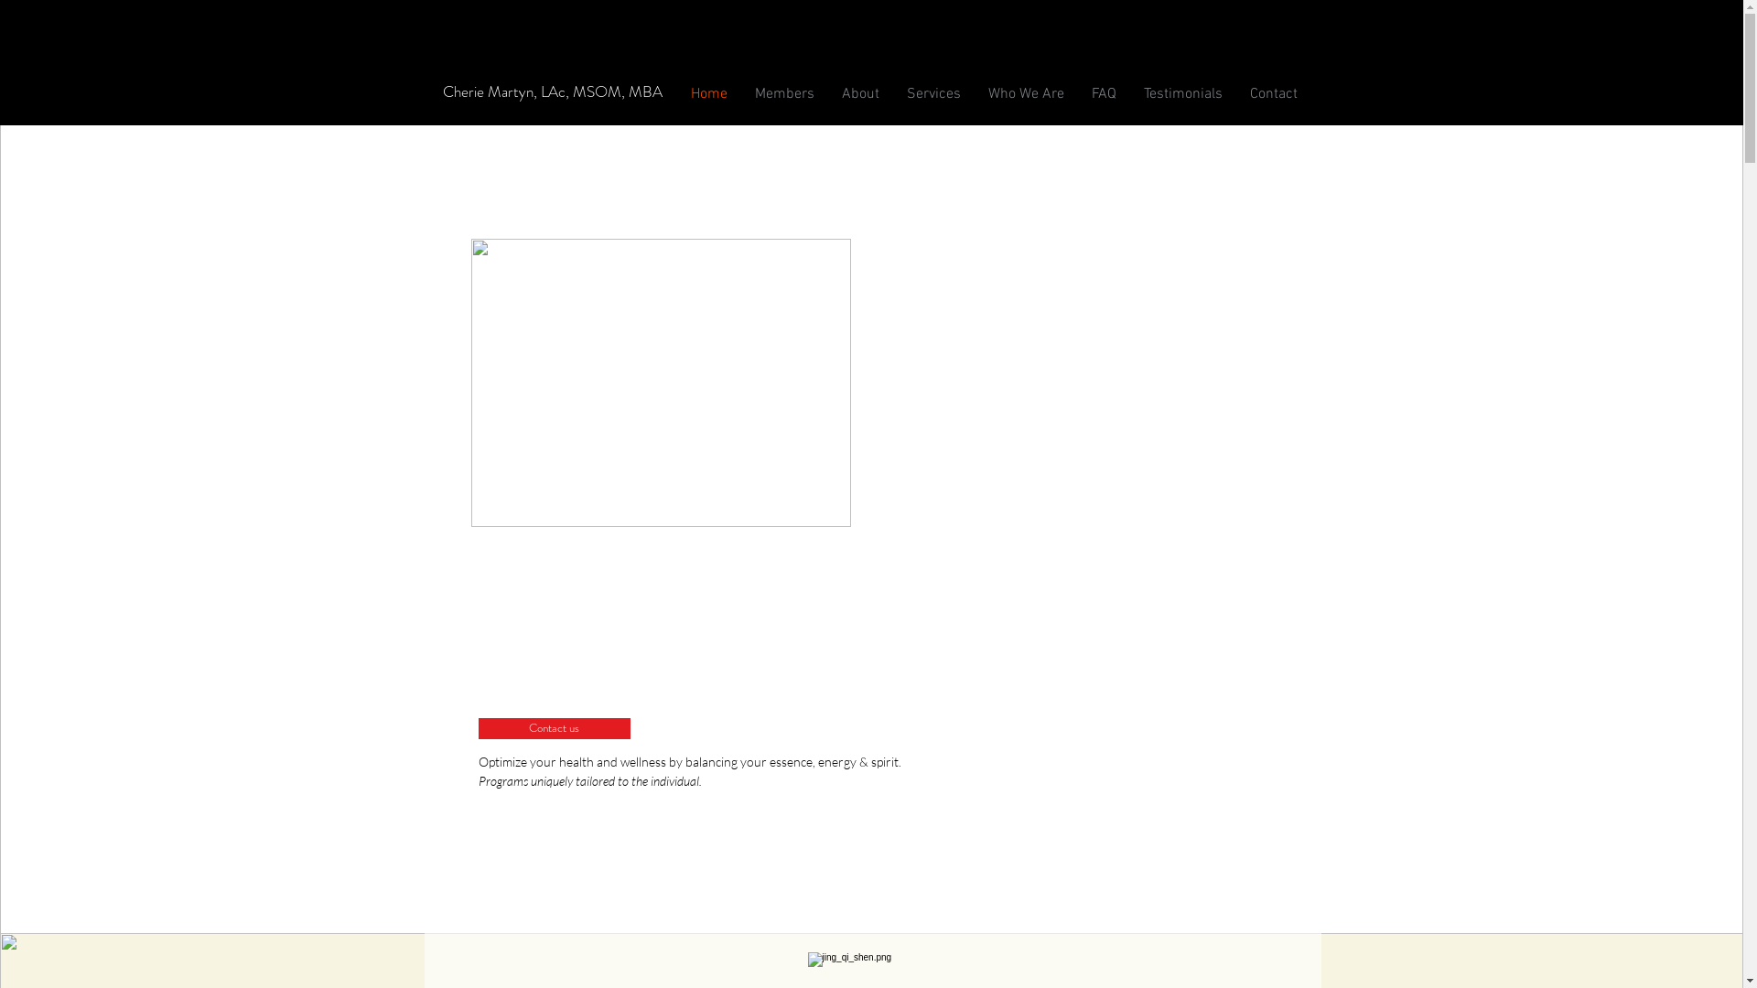 The width and height of the screenshot is (1757, 988). I want to click on 'Testimonials', so click(1181, 94).